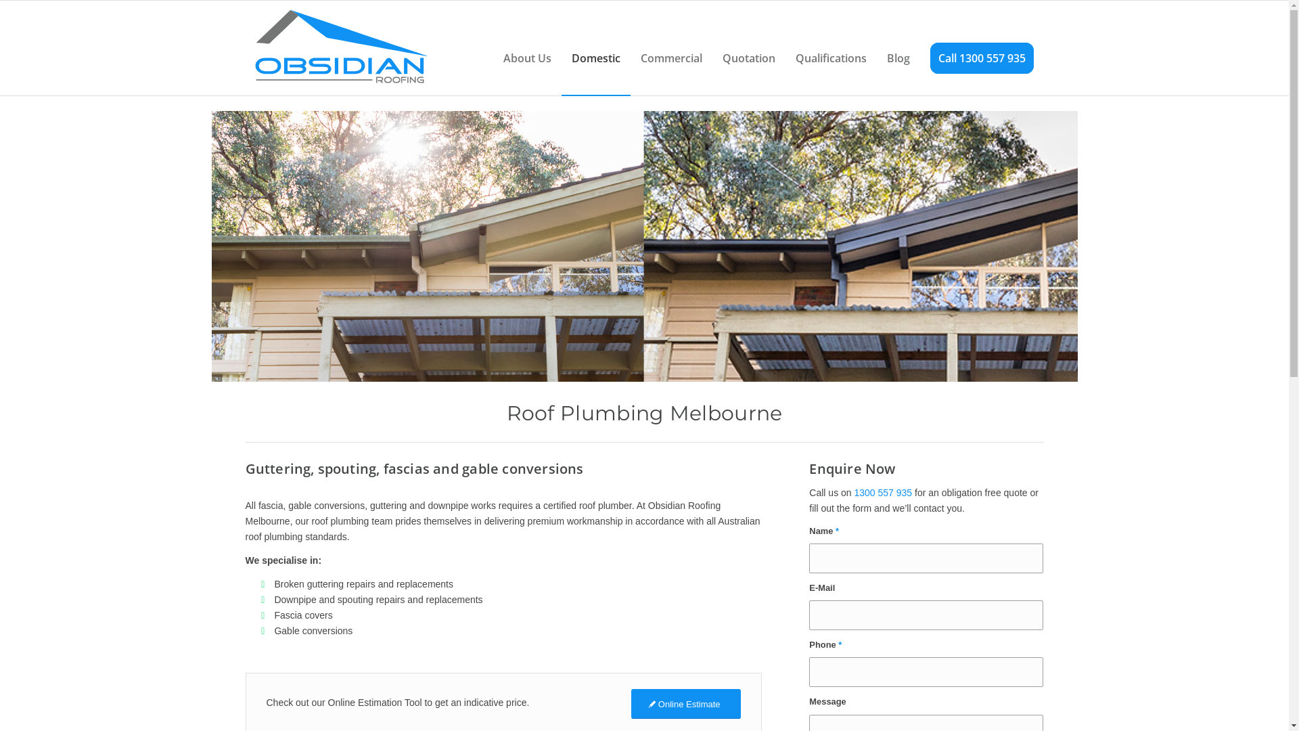  Describe the element at coordinates (526, 47) in the screenshot. I see `'About Us'` at that location.